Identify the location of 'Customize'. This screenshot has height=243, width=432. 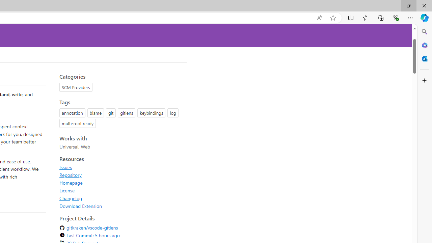
(424, 80).